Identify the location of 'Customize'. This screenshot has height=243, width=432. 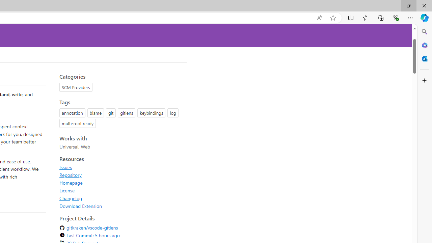
(424, 80).